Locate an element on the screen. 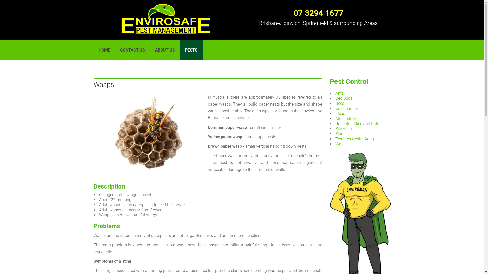 The image size is (488, 274). 'Mosquitoes' is located at coordinates (346, 118).